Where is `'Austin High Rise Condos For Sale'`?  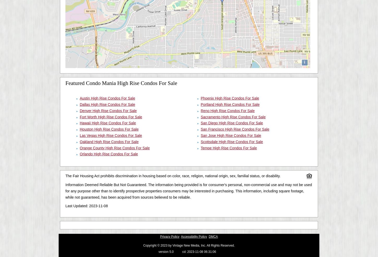
'Austin High Rise Condos For Sale' is located at coordinates (107, 98).